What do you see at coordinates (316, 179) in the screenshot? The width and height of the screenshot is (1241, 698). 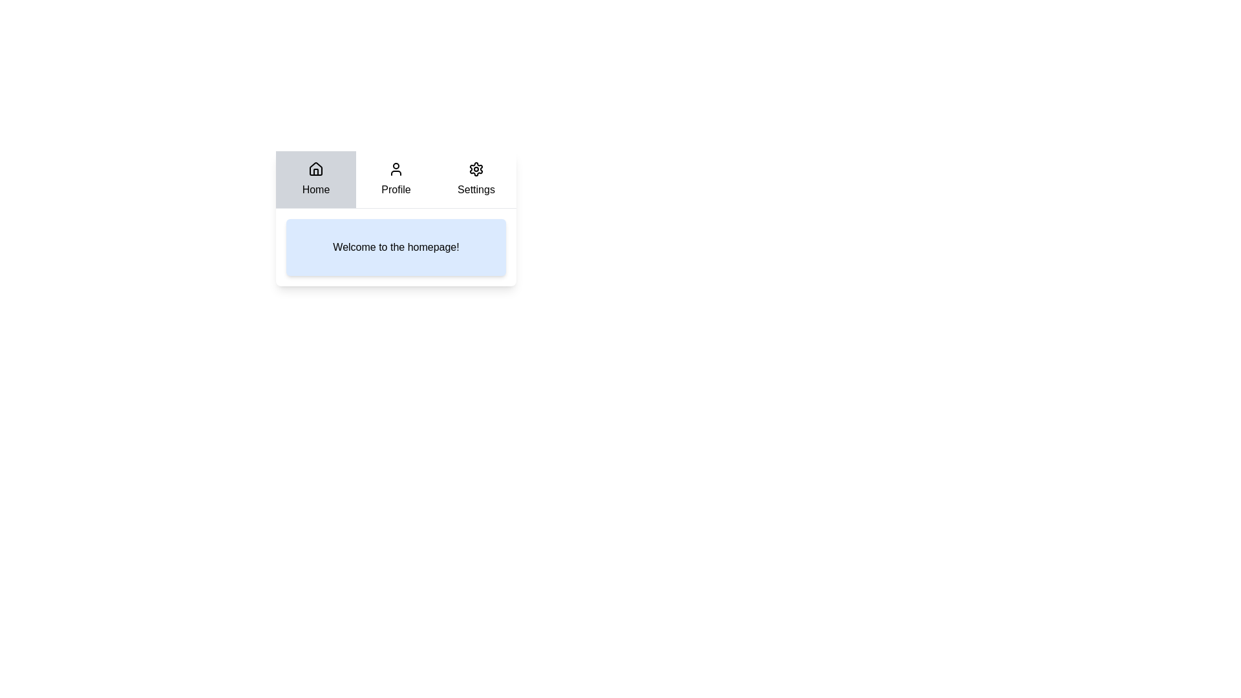 I see `the Home tab by clicking on it` at bounding box center [316, 179].